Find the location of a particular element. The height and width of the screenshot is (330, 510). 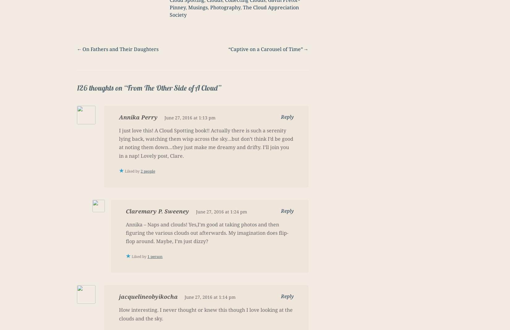

'1 person' is located at coordinates (155, 256).